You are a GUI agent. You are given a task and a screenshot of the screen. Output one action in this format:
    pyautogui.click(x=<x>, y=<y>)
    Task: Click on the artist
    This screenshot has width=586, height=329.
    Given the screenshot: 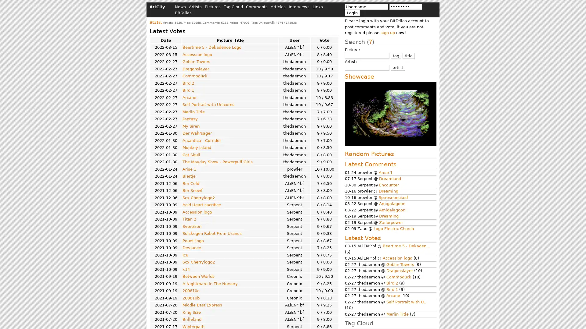 What is the action you would take?
    pyautogui.click(x=398, y=67)
    